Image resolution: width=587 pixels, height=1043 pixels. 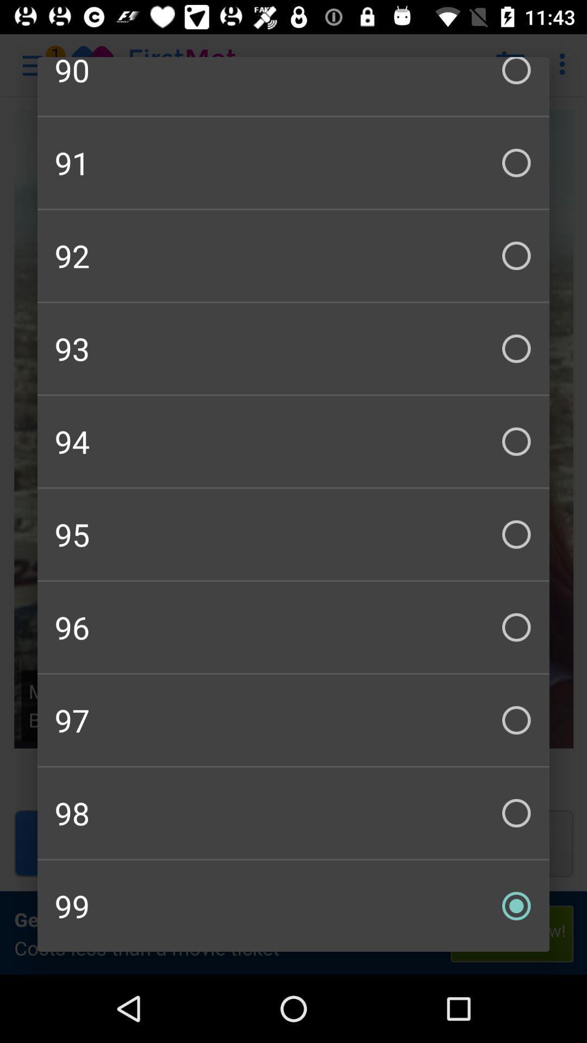 What do you see at coordinates (293, 534) in the screenshot?
I see `the checkbox below the 94 checkbox` at bounding box center [293, 534].